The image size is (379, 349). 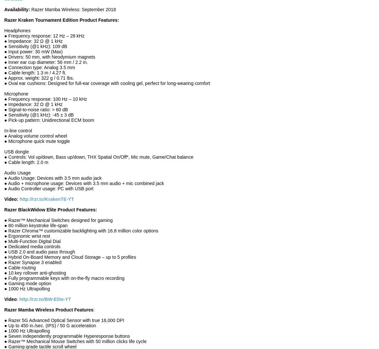 I want to click on '● 80 million keystroke life-span', so click(x=4, y=225).